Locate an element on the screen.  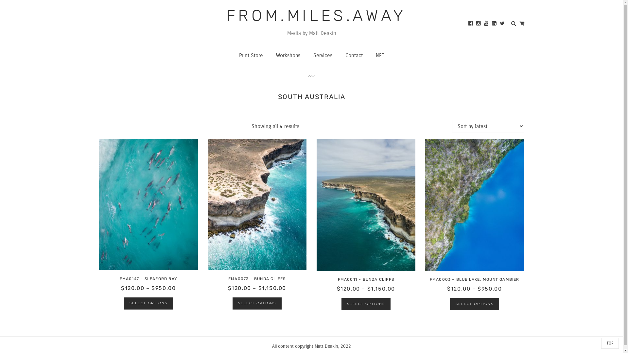
'Print Store' is located at coordinates (250, 55).